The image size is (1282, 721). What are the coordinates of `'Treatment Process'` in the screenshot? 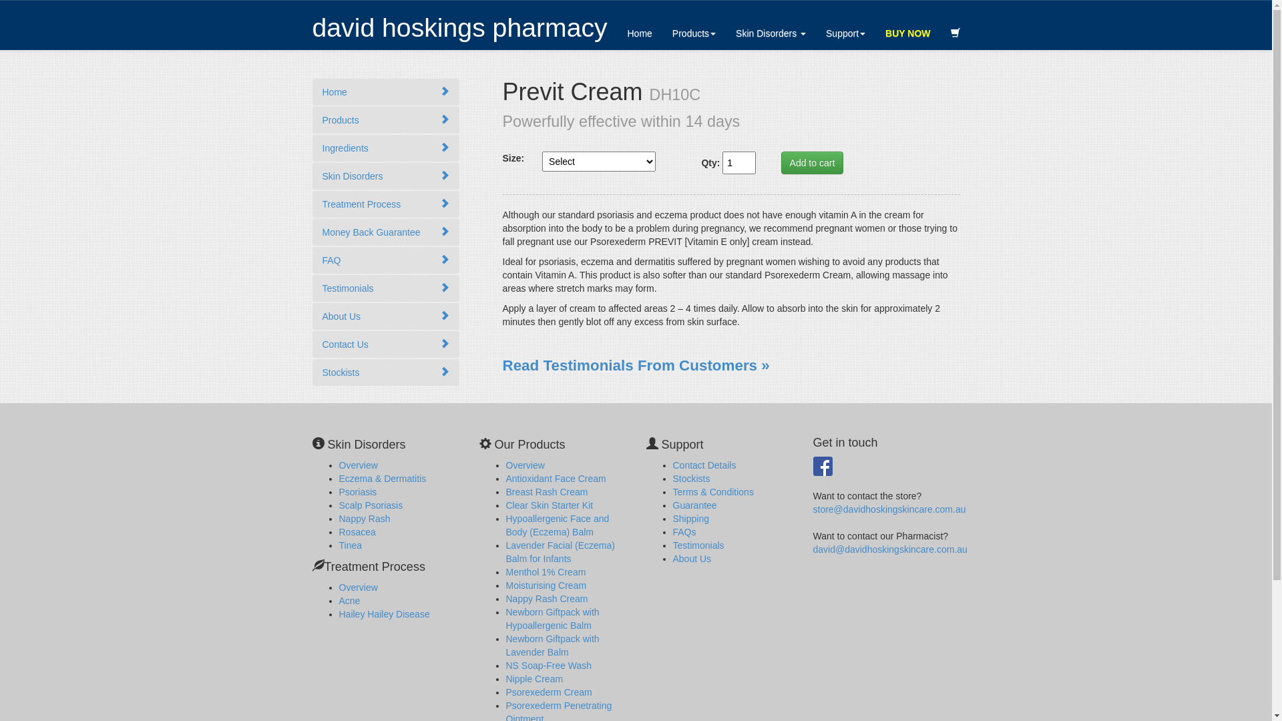 It's located at (385, 204).